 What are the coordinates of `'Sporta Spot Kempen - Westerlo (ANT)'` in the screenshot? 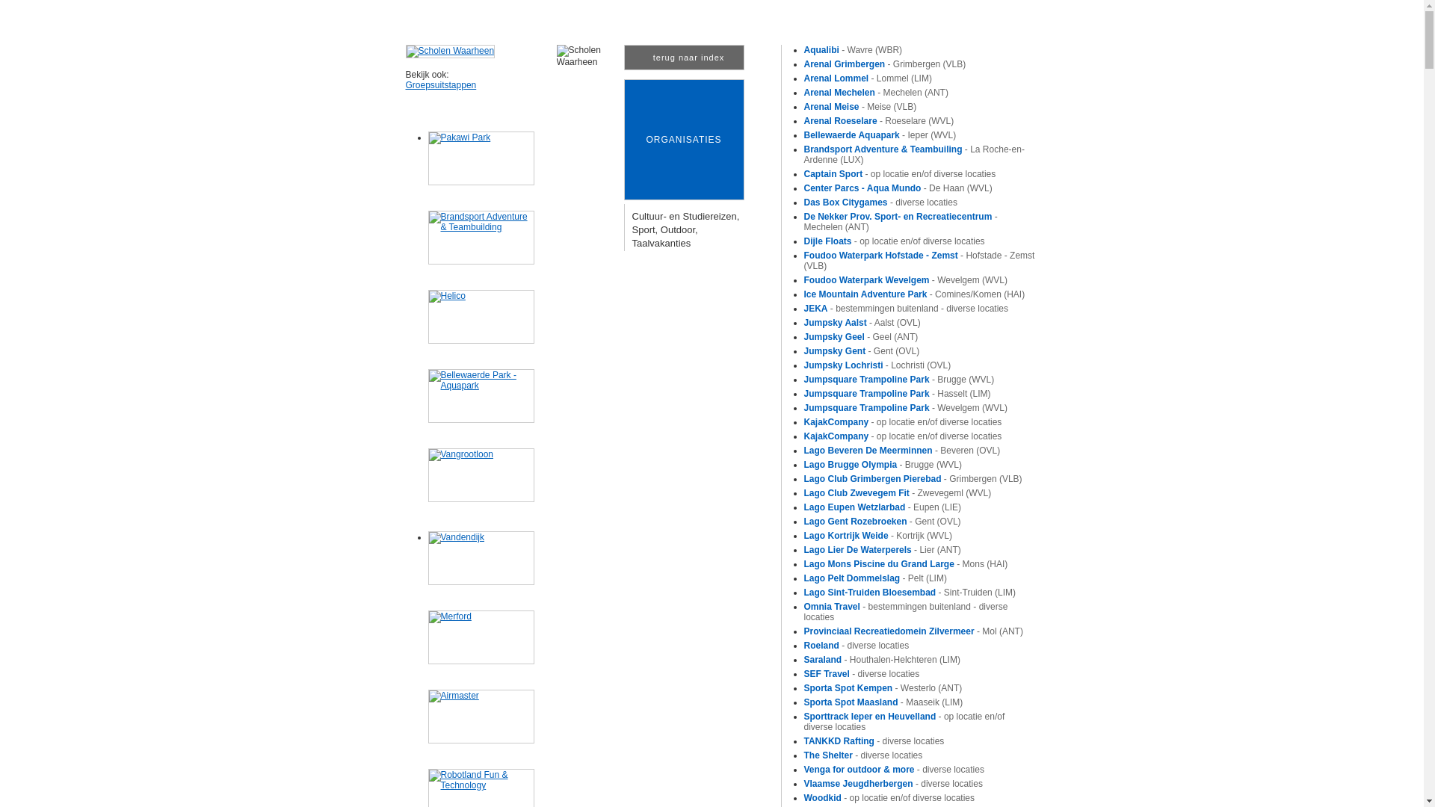 It's located at (883, 688).